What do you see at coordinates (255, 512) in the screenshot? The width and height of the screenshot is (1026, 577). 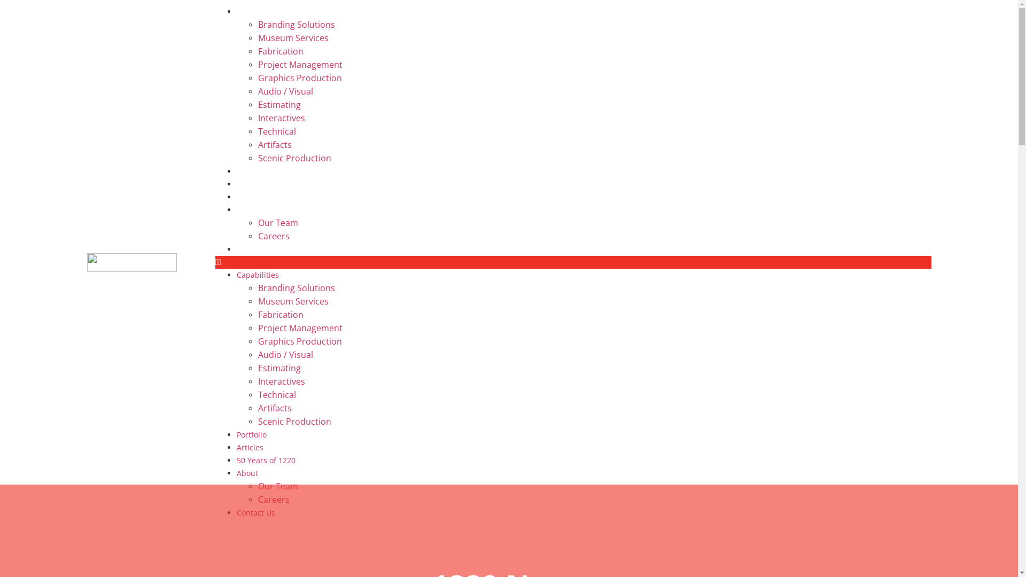 I see `'Contact Us'` at bounding box center [255, 512].